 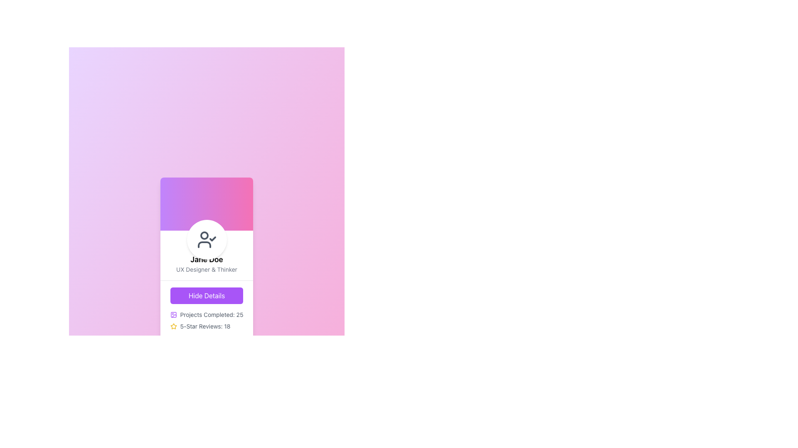 What do you see at coordinates (204, 244) in the screenshot?
I see `curved shape at the lower part of the user profile icon within the SVG illustration for detailed properties` at bounding box center [204, 244].